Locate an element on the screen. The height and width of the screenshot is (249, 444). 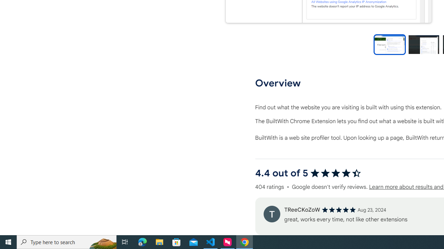
'Preview slide 1' is located at coordinates (390, 44).